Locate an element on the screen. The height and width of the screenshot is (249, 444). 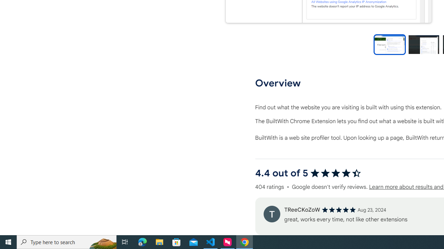
'Preview slide 1' is located at coordinates (390, 44).